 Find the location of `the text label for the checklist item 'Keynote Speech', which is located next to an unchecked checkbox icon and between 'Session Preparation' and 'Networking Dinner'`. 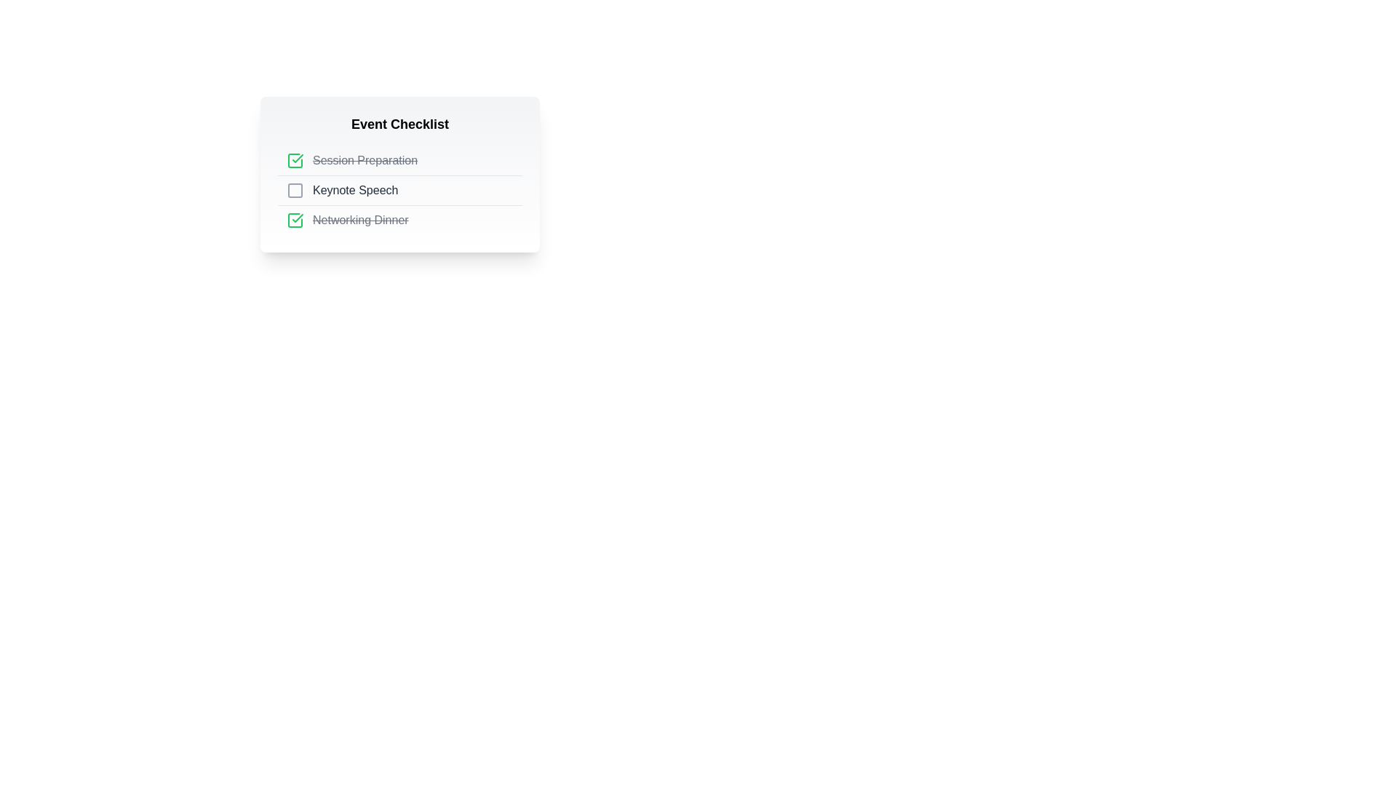

the text label for the checklist item 'Keynote Speech', which is located next to an unchecked checkbox icon and between 'Session Preparation' and 'Networking Dinner' is located at coordinates (355, 190).